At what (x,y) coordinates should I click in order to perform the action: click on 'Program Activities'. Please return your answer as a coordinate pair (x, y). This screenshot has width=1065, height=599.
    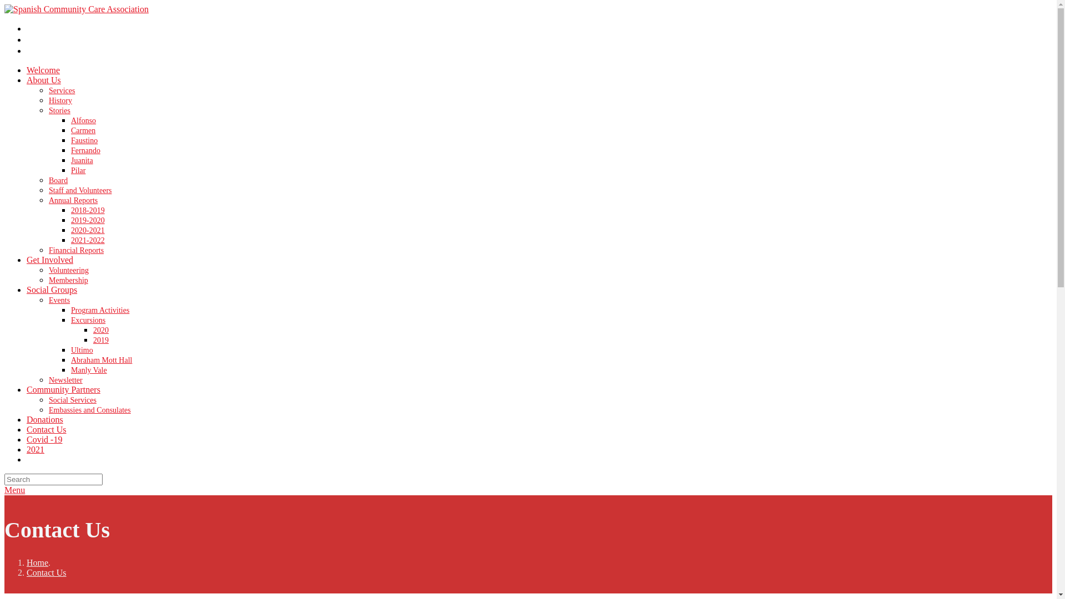
    Looking at the image, I should click on (100, 310).